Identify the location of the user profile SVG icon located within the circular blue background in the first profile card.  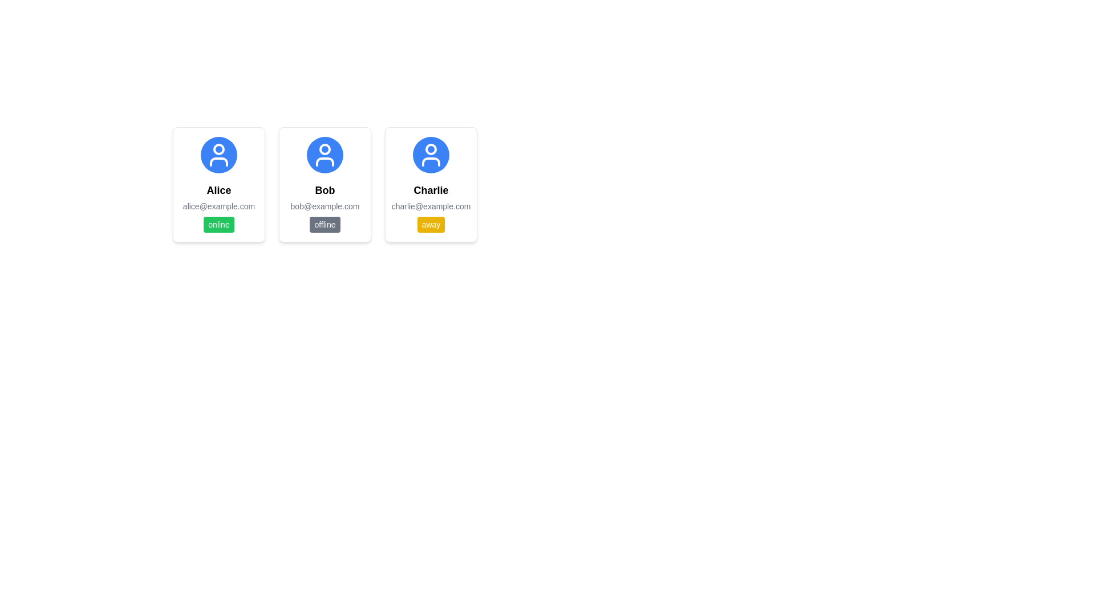
(219, 155).